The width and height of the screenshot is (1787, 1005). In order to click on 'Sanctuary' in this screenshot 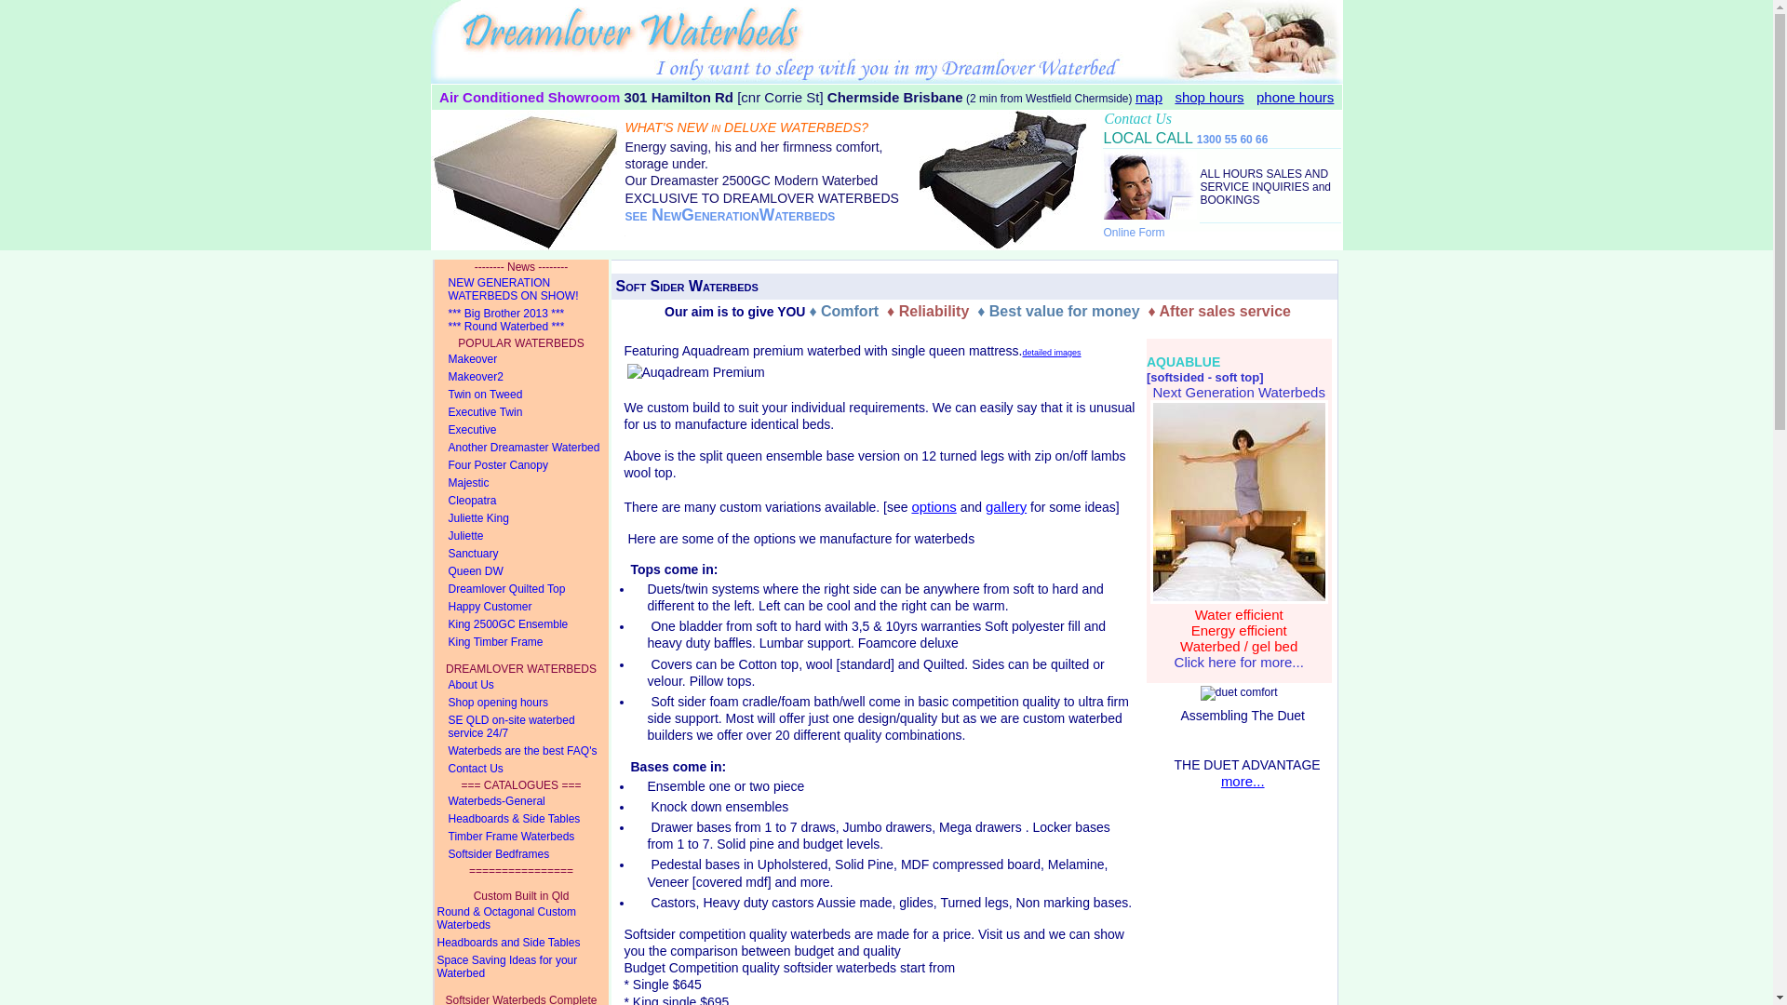, I will do `click(520, 553)`.